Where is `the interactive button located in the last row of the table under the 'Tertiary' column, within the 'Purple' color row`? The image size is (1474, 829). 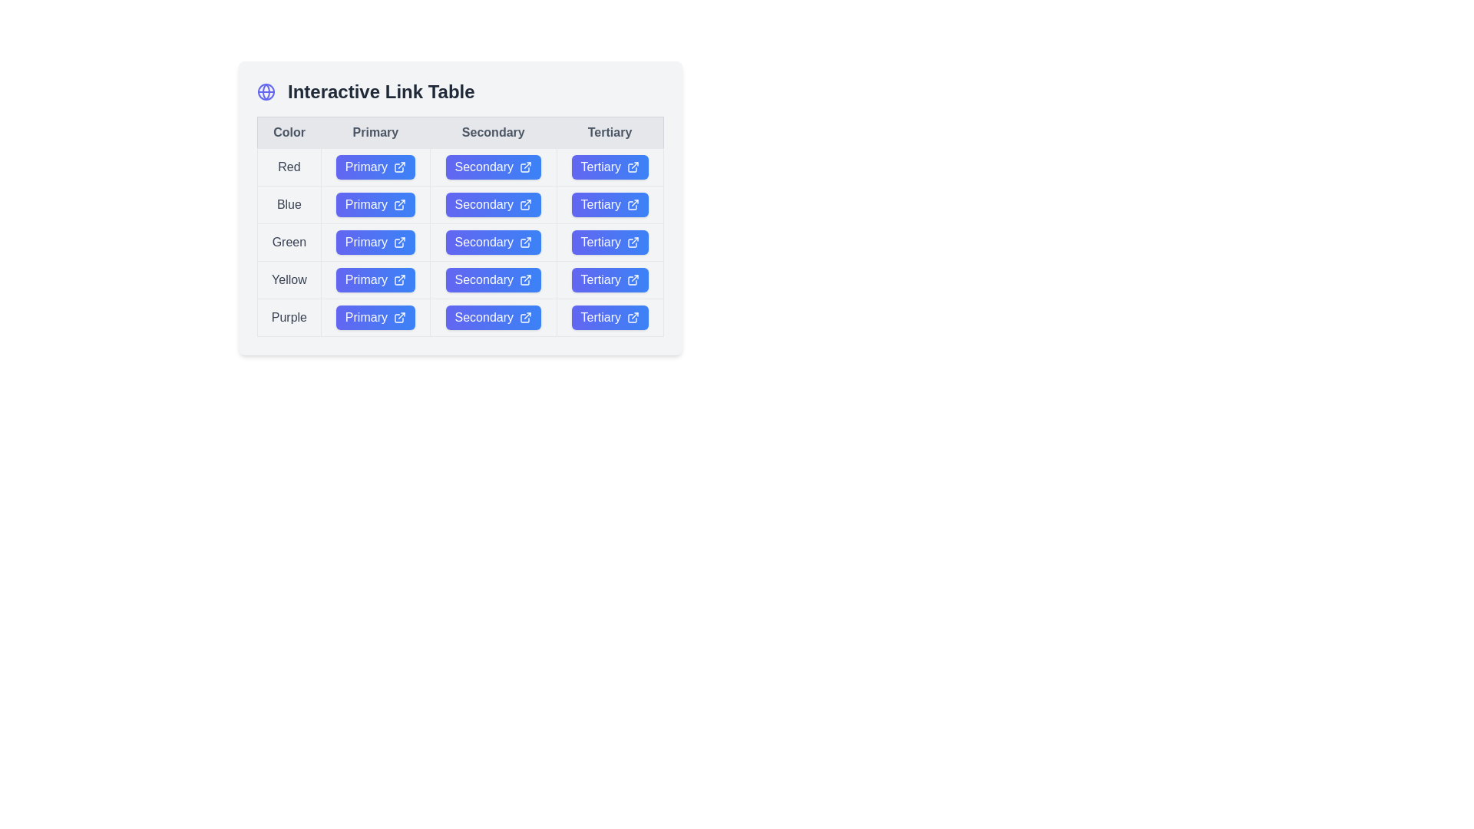 the interactive button located in the last row of the table under the 'Tertiary' column, within the 'Purple' color row is located at coordinates (609, 316).